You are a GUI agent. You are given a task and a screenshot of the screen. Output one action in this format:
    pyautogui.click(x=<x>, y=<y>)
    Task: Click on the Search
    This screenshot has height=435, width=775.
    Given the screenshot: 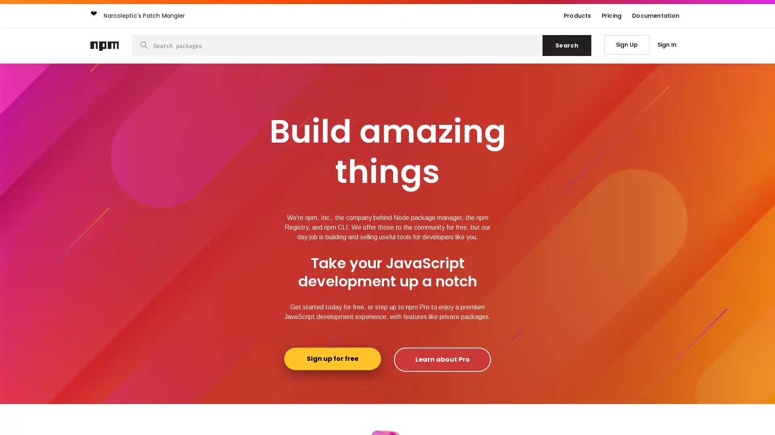 What is the action you would take?
    pyautogui.click(x=566, y=45)
    